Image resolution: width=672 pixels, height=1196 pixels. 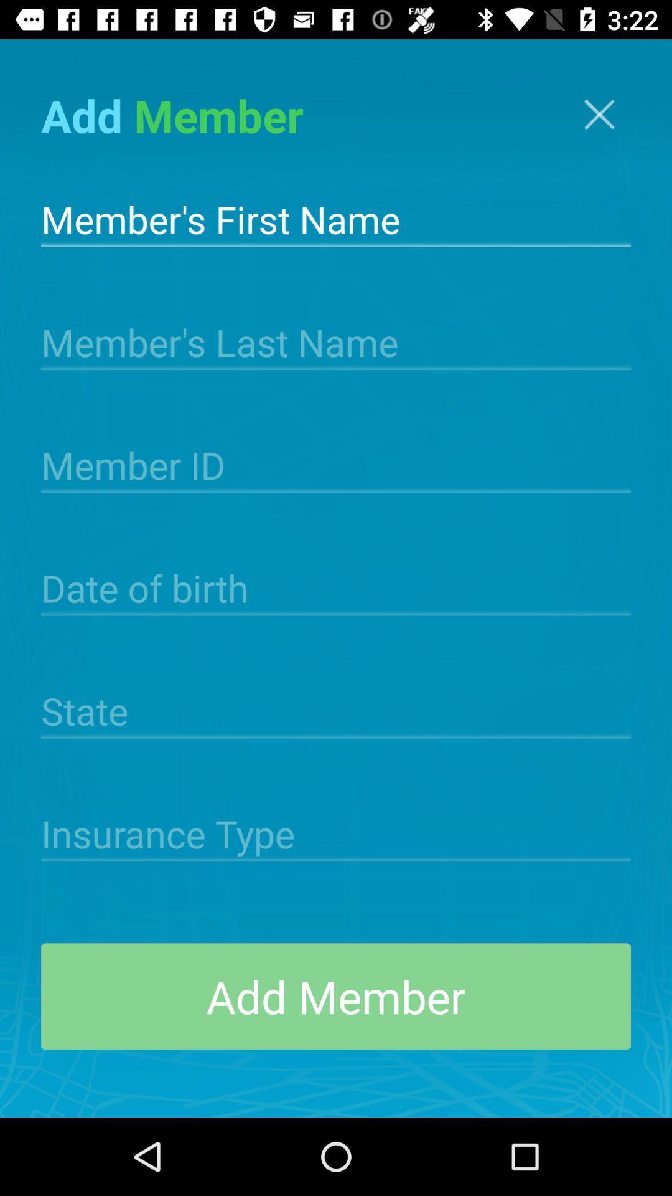 What do you see at coordinates (336, 832) in the screenshot?
I see `insurance type input field` at bounding box center [336, 832].